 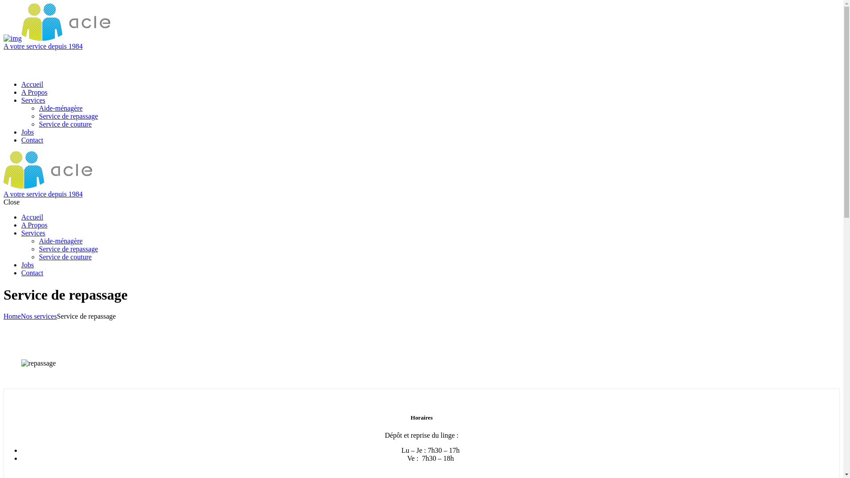 I want to click on 'Home', so click(x=12, y=316).